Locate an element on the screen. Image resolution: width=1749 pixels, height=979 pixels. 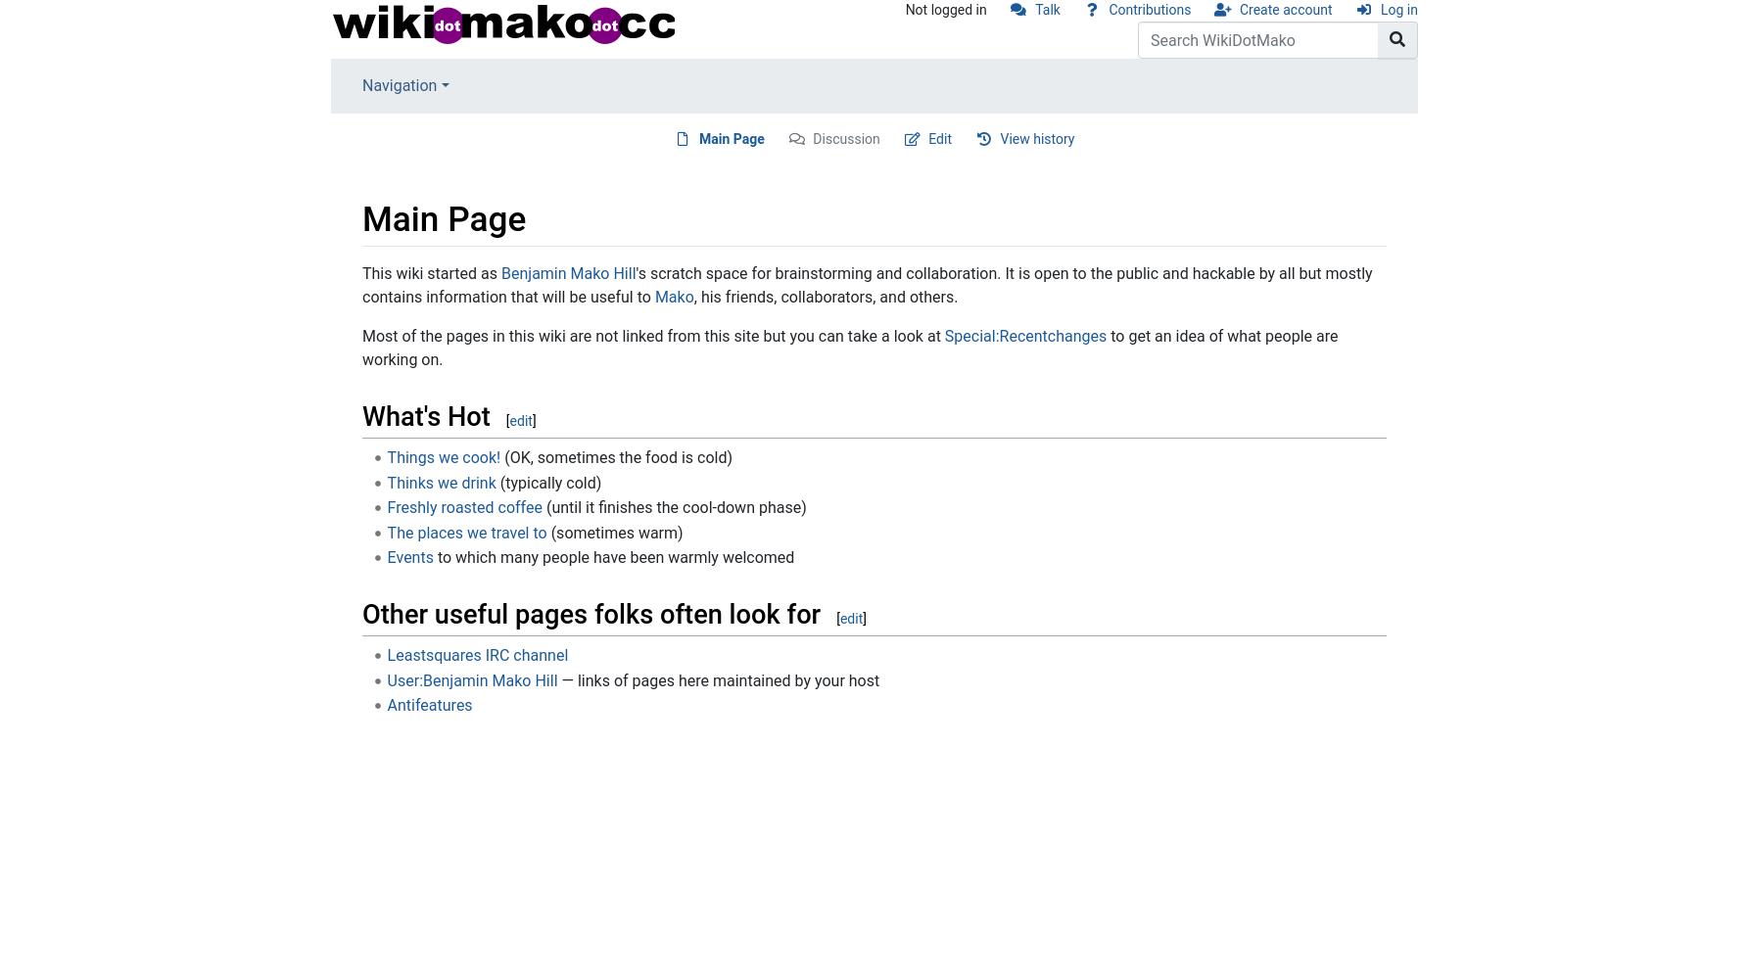
'Things we cook!' is located at coordinates (442, 456).